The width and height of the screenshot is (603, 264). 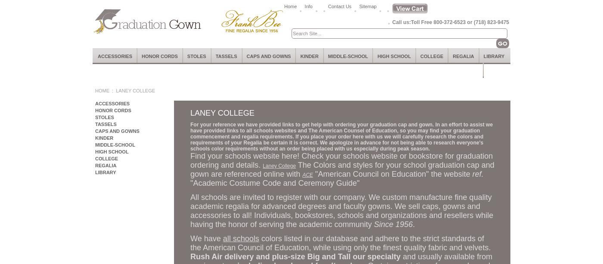 What do you see at coordinates (313, 174) in the screenshot?
I see `'"American Council on Education" the website'` at bounding box center [313, 174].